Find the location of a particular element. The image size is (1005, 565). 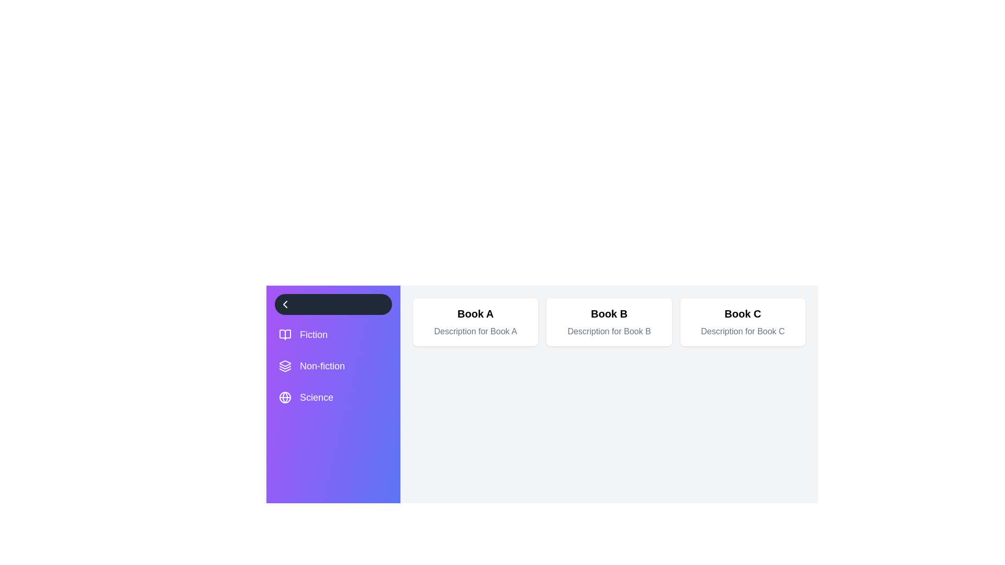

the book card for Book C is located at coordinates (742, 322).